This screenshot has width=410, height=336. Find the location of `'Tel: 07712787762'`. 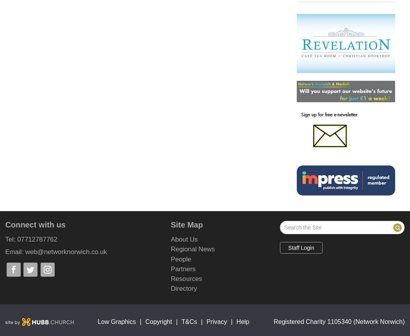

'Tel: 07712787762' is located at coordinates (31, 239).